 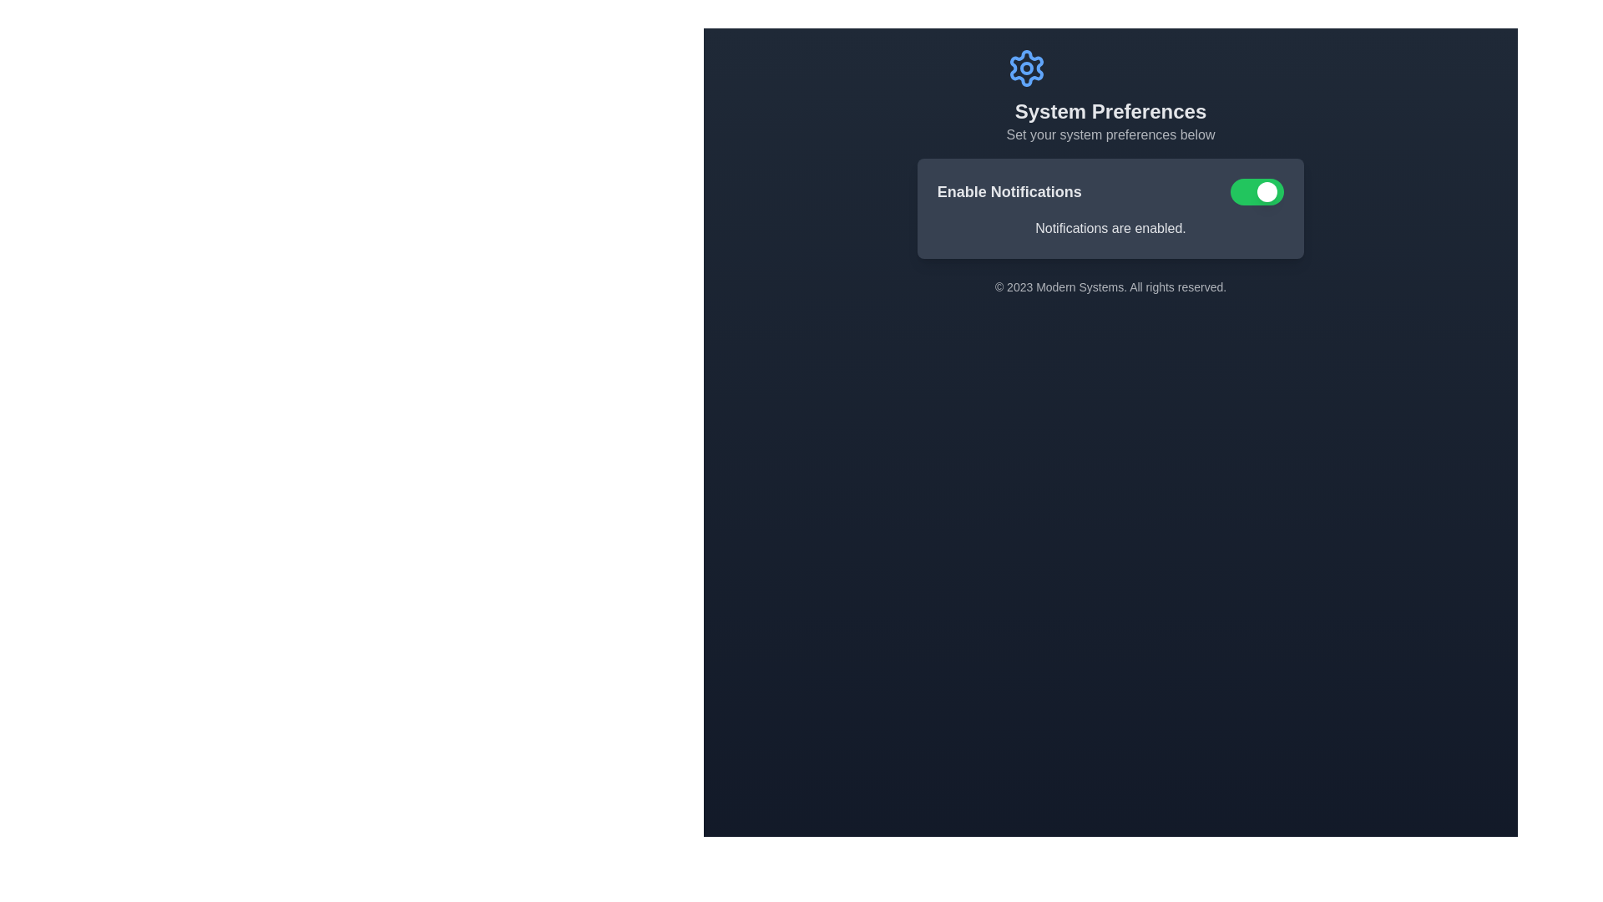 What do you see at coordinates (1110, 191) in the screenshot?
I see `the toggle switch labeled 'Enable Notifications' to change its state` at bounding box center [1110, 191].